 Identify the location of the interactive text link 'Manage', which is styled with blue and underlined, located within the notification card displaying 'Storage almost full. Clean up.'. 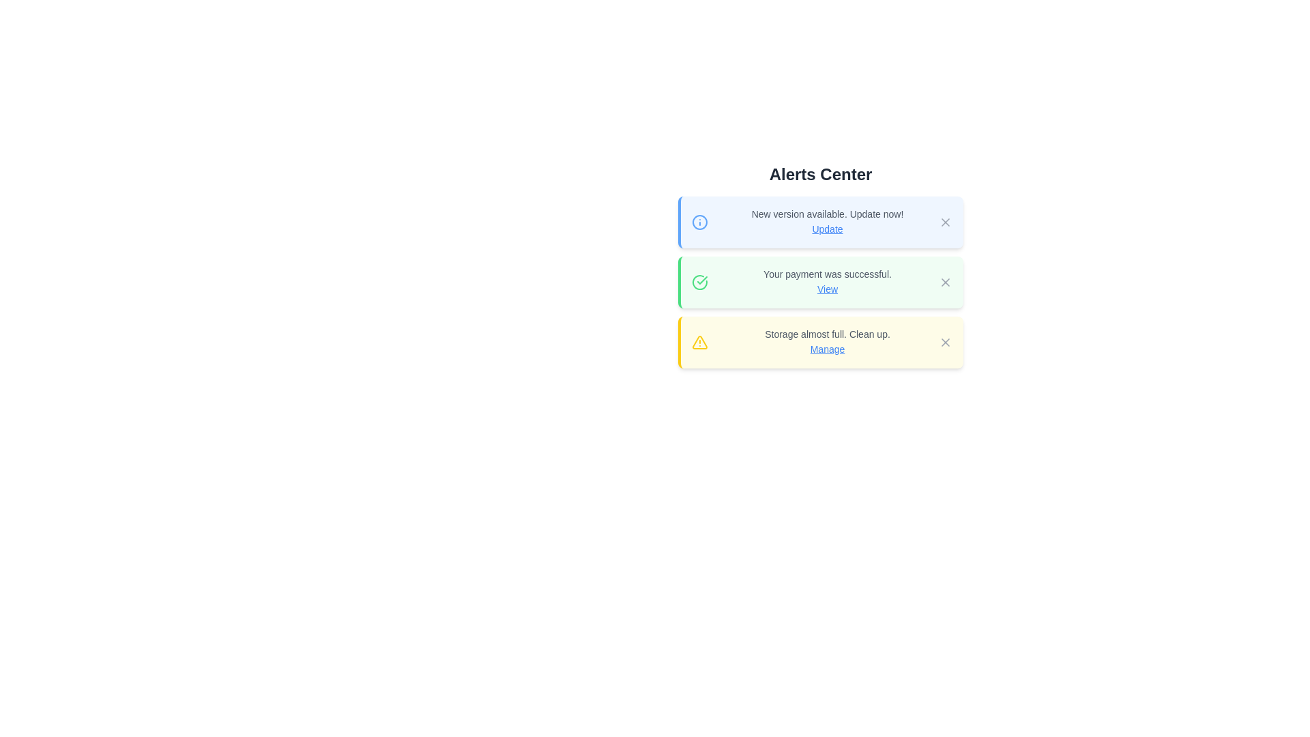
(827, 349).